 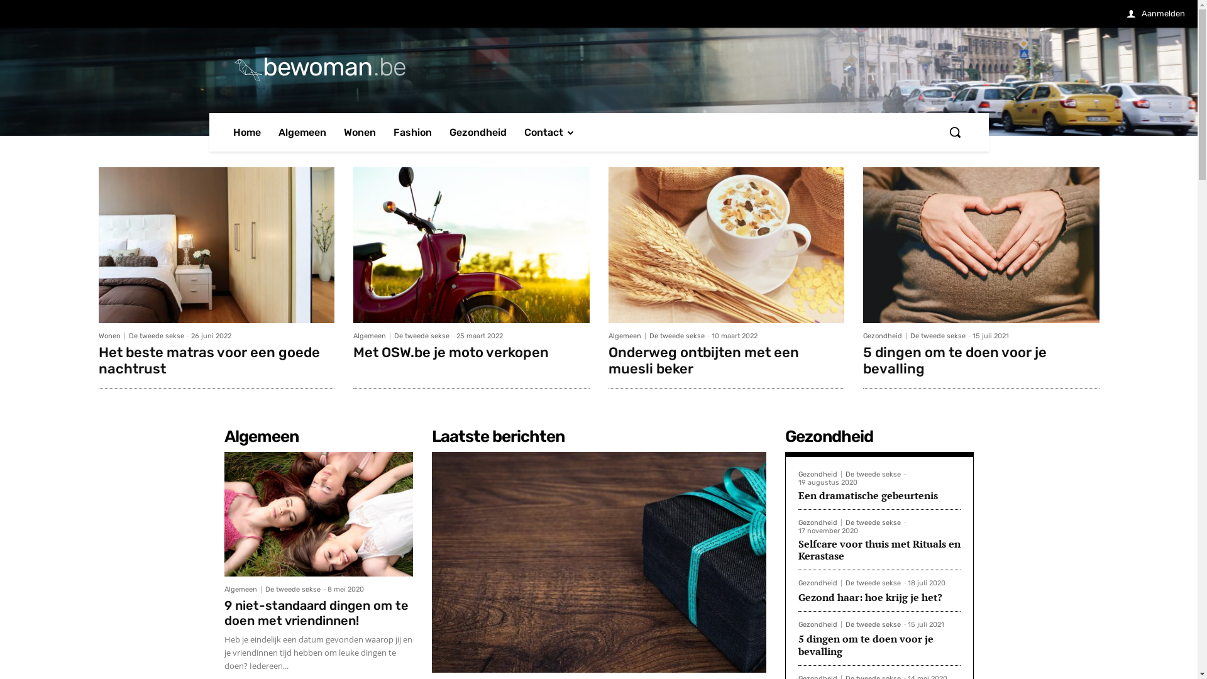 What do you see at coordinates (216, 245) in the screenshot?
I see `'Het beste matras voor een goede nachtrust'` at bounding box center [216, 245].